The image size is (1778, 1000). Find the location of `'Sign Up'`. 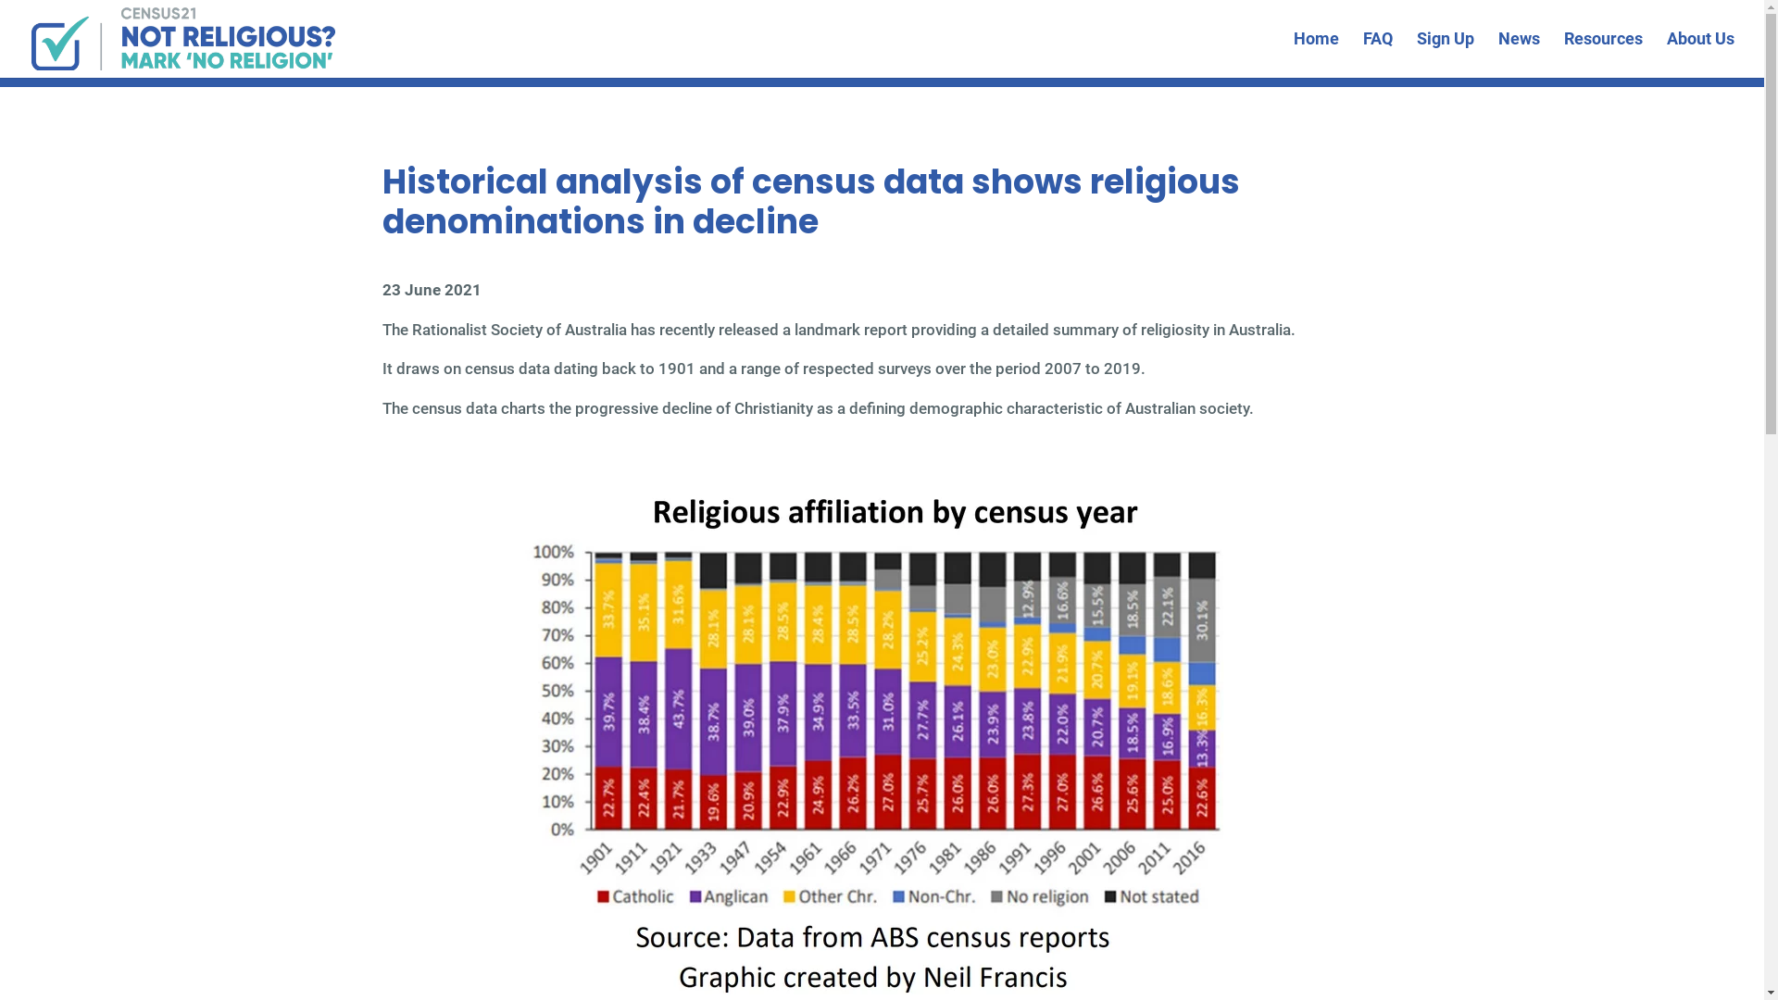

'Sign Up' is located at coordinates (1444, 54).